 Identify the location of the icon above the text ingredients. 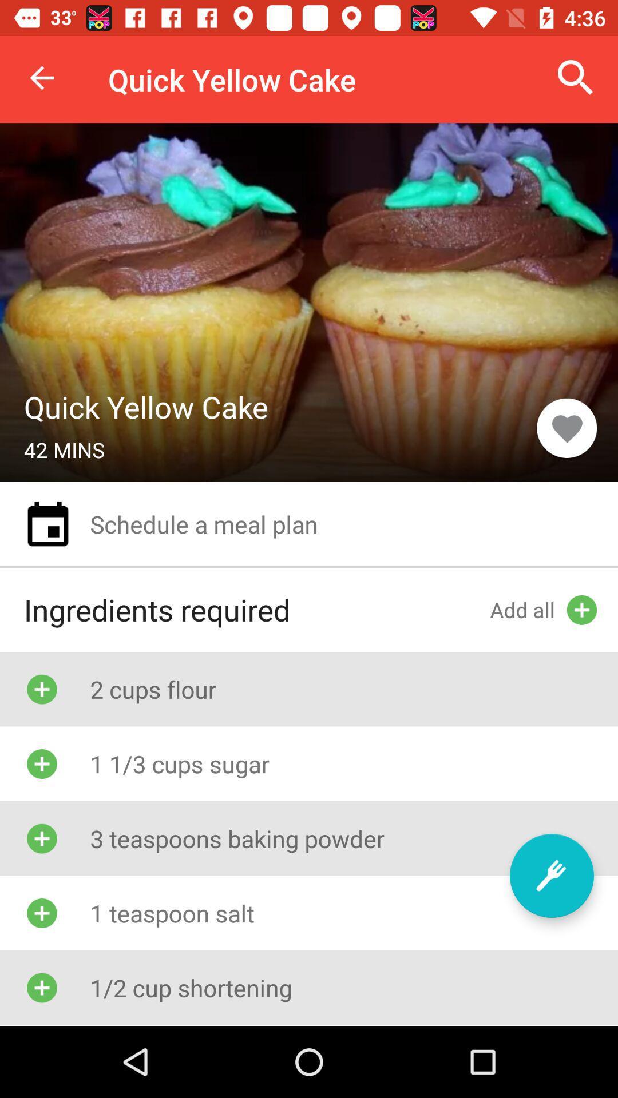
(47, 523).